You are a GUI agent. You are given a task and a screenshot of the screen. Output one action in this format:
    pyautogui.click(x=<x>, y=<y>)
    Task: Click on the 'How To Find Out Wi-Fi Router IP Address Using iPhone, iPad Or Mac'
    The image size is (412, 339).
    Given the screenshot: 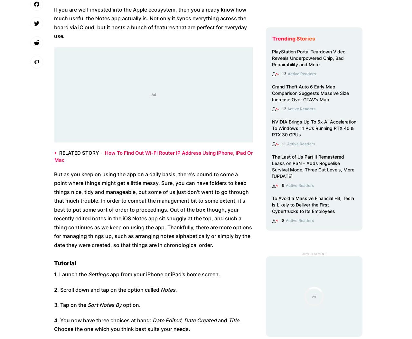 What is the action you would take?
    pyautogui.click(x=153, y=156)
    